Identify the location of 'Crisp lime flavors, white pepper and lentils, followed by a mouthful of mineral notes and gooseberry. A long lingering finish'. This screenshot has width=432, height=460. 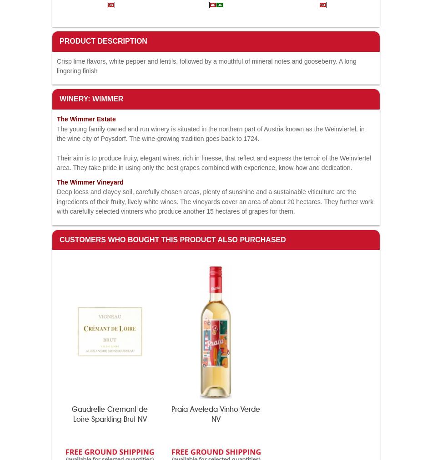
(206, 66).